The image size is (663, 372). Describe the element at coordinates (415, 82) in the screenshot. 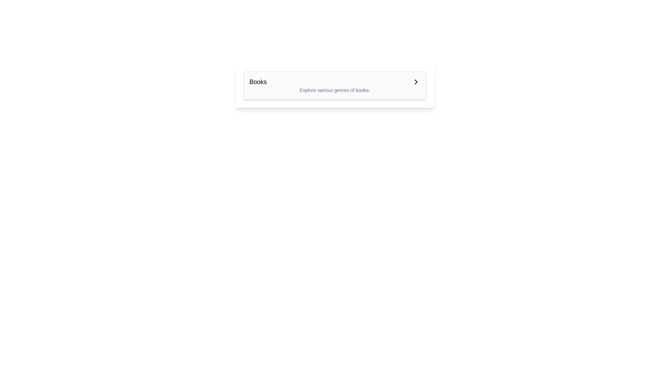

I see `the chevron icon in the top-right corner of the 'Books' section` at that location.